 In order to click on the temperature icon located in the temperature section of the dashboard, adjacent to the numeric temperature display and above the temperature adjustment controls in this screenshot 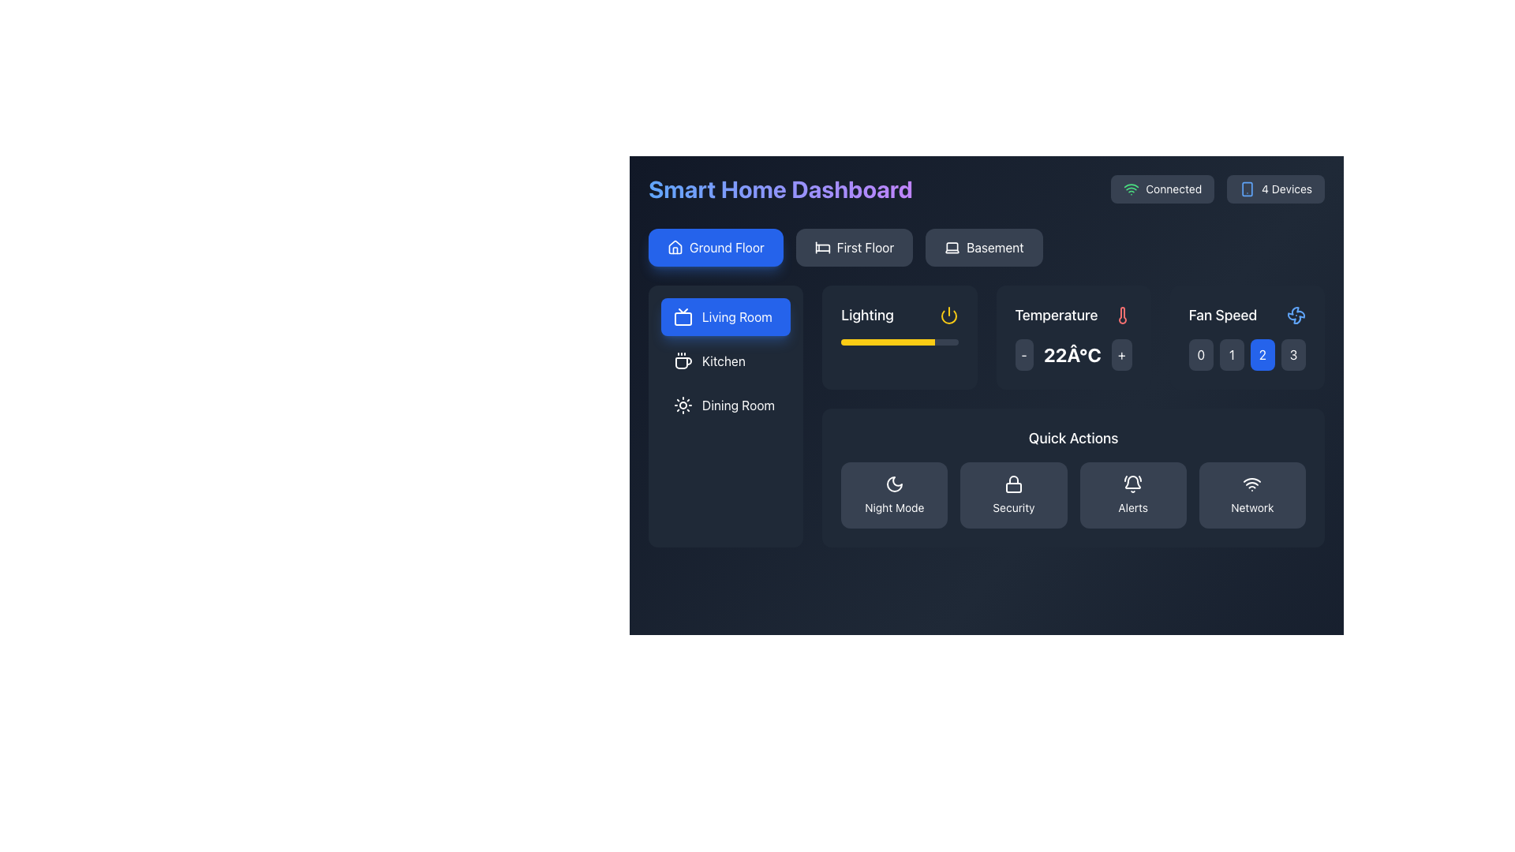, I will do `click(1121, 316)`.